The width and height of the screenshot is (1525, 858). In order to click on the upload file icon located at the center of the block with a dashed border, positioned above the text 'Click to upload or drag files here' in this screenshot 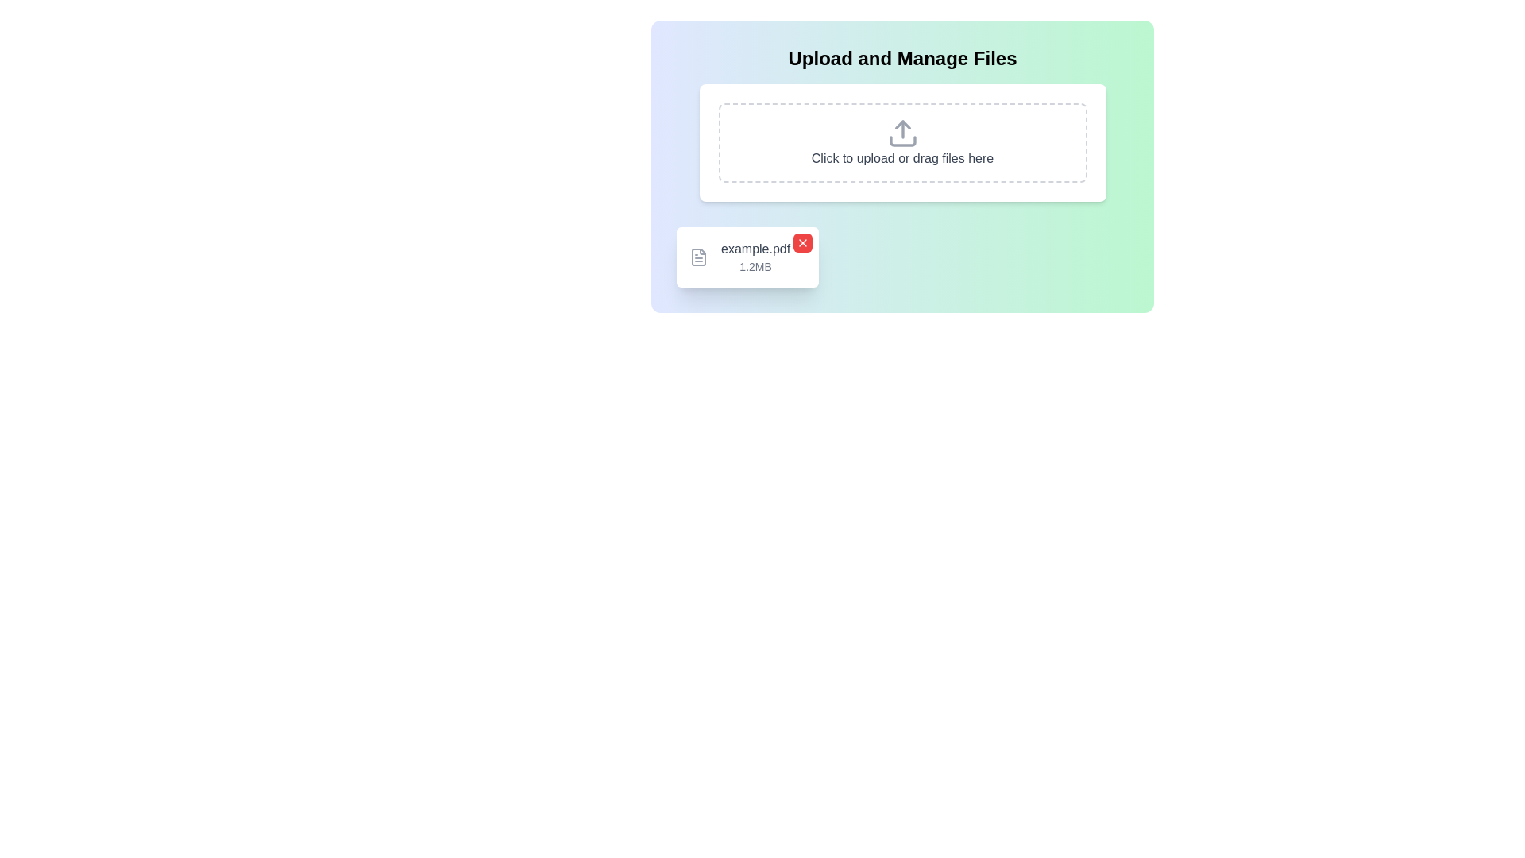, I will do `click(902, 133)`.